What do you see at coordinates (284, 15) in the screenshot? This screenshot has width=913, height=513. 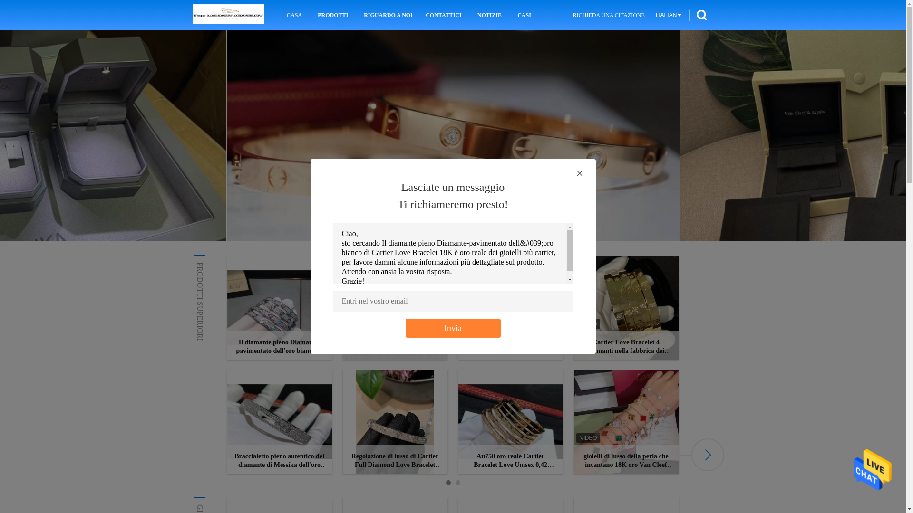 I see `'CASA'` at bounding box center [284, 15].